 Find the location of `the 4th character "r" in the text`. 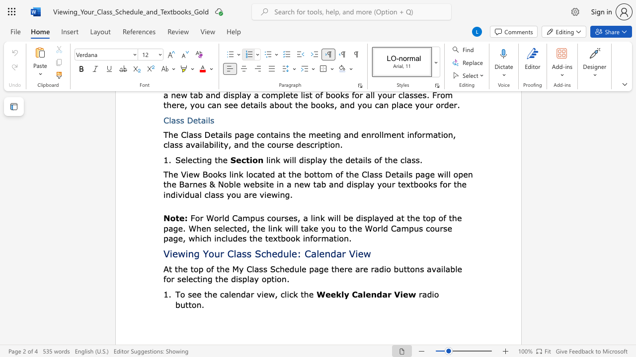

the 4th character "r" in the text is located at coordinates (379, 228).